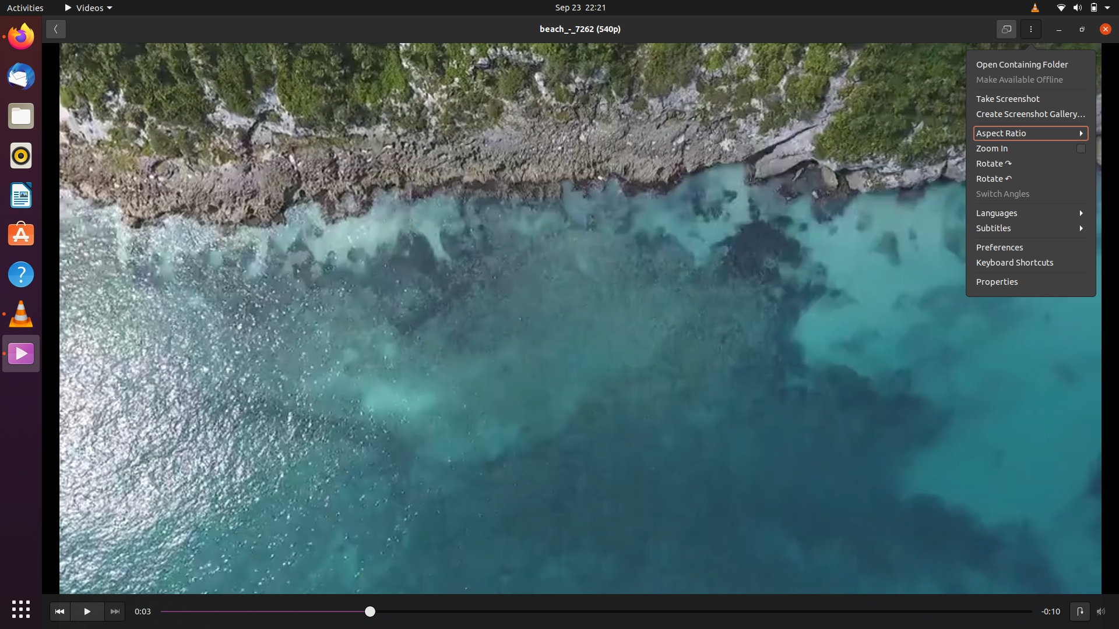  I want to click on Start the video with mouse click, so click(86, 611).